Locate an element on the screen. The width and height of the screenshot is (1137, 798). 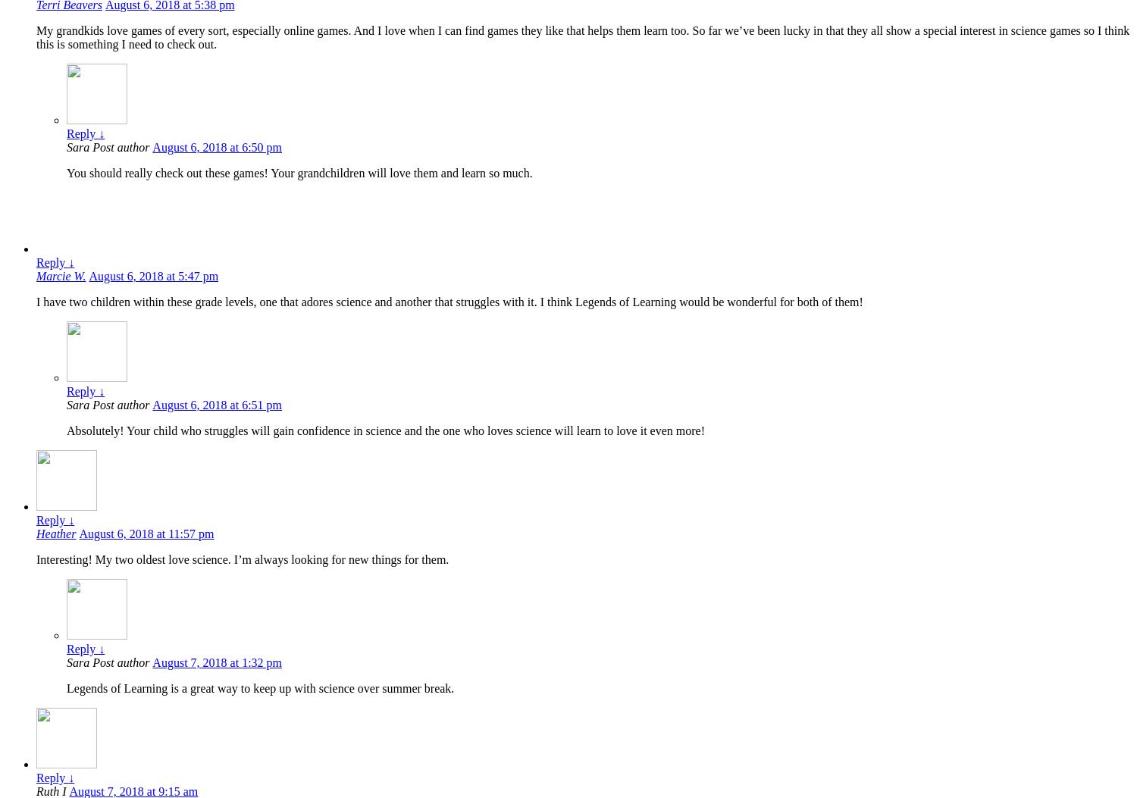
'I have two children within these grade levels, one that adores science and another that struggles with it. I think Legends of Learning would be wonderful for both of them!' is located at coordinates (36, 302).